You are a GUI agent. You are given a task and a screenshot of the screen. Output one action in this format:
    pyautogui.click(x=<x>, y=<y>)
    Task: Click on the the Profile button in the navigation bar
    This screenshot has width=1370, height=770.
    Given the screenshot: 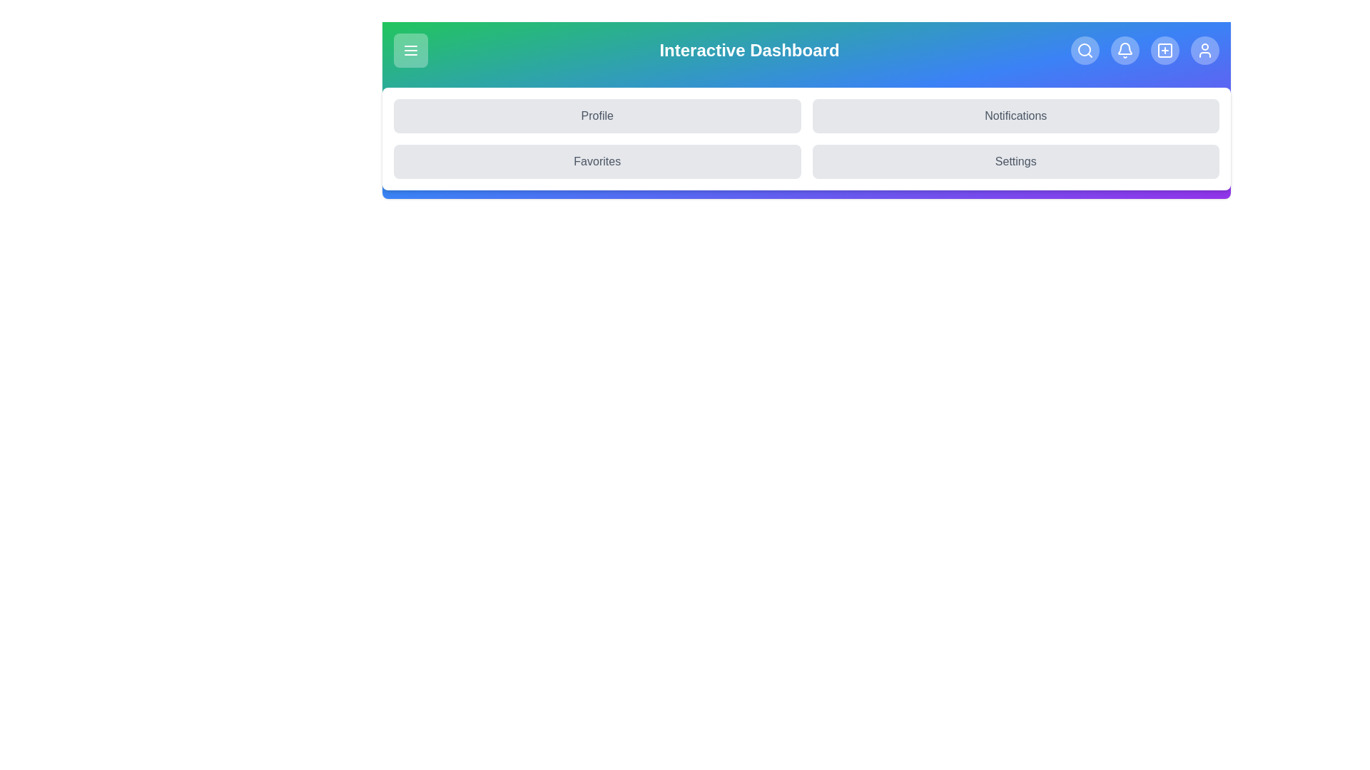 What is the action you would take?
    pyautogui.click(x=597, y=115)
    